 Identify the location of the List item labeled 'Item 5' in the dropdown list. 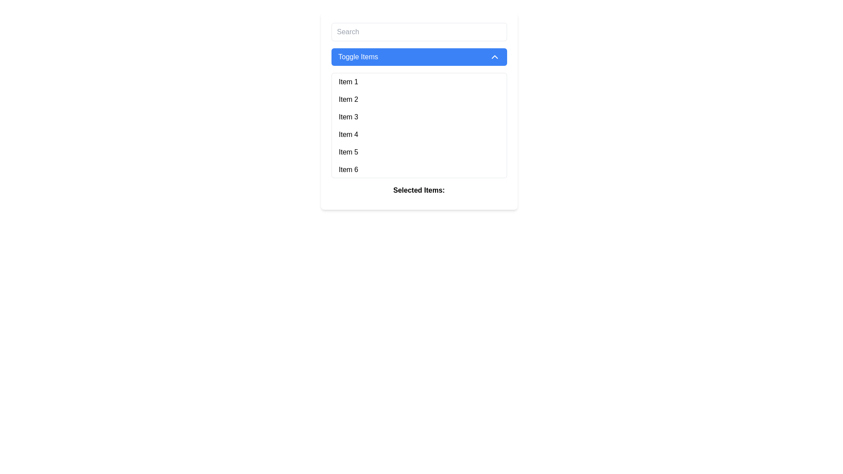
(418, 152).